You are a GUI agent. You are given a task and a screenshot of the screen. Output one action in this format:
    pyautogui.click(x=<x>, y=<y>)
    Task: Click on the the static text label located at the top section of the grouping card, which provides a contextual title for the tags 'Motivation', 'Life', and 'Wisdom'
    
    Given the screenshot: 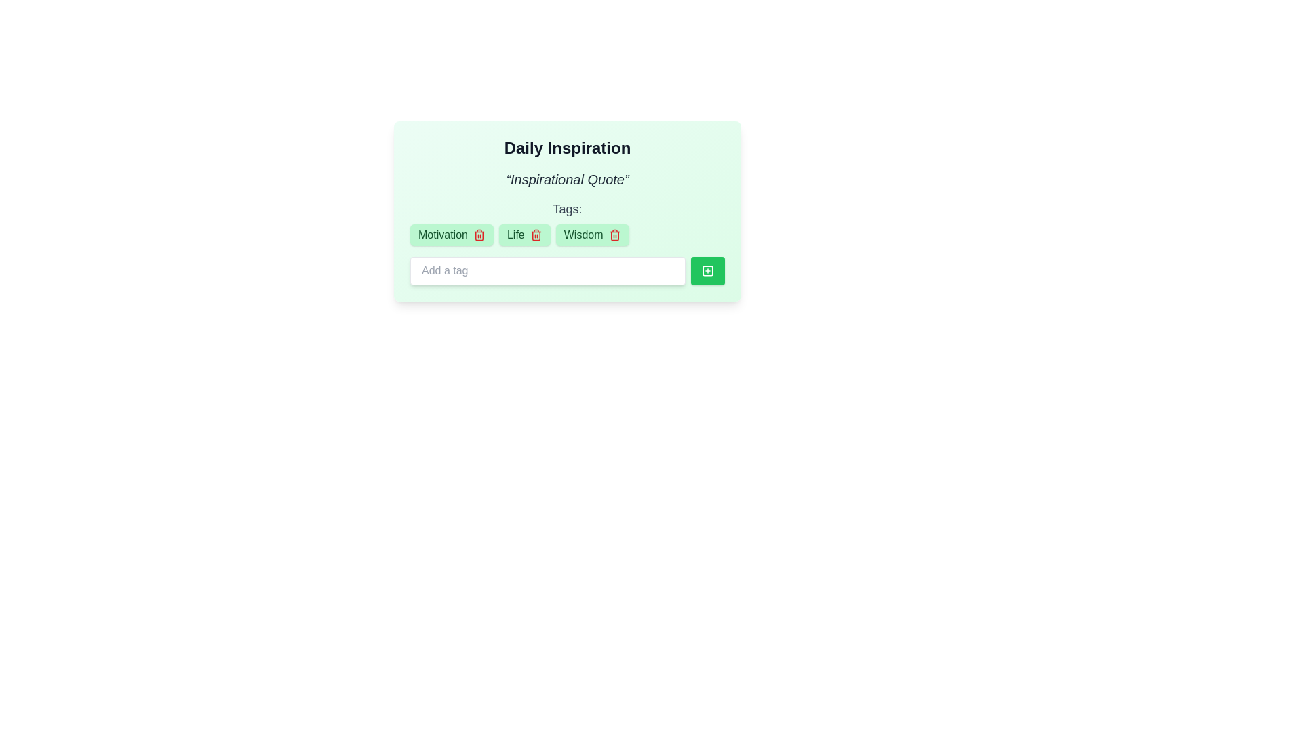 What is the action you would take?
    pyautogui.click(x=567, y=242)
    